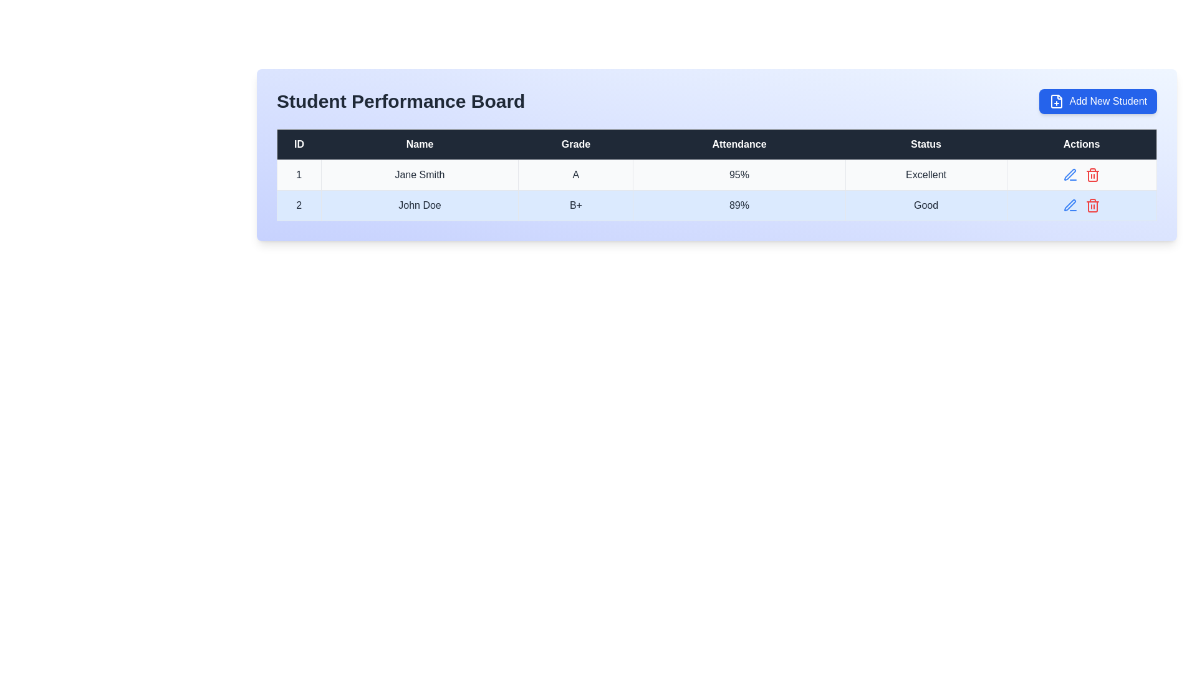  What do you see at coordinates (1092, 205) in the screenshot?
I see `the delete icon button located in the last column under 'Actions' for the second row representing the student John Doe` at bounding box center [1092, 205].